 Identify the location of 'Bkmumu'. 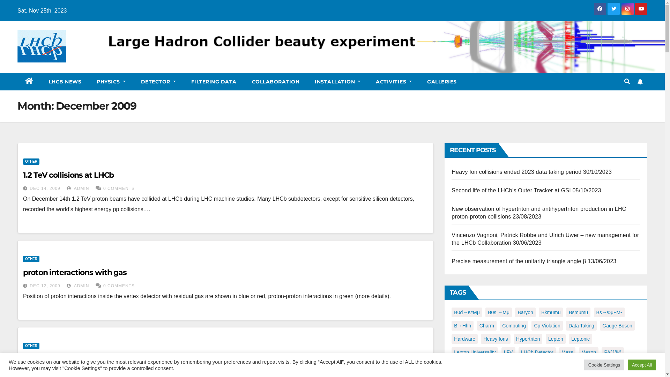
(550, 312).